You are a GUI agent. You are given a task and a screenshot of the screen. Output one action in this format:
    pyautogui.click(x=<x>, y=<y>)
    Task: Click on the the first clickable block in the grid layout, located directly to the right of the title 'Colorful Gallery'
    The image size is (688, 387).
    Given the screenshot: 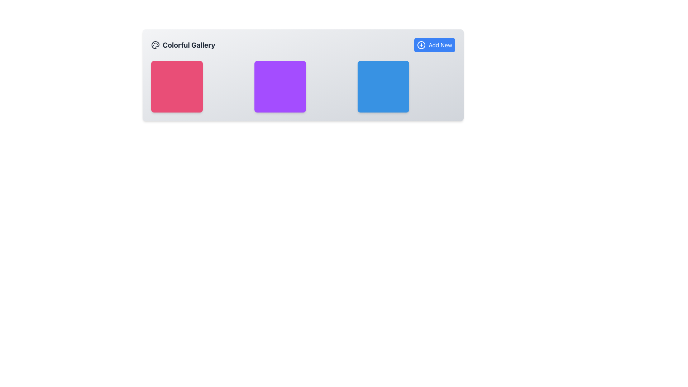 What is the action you would take?
    pyautogui.click(x=200, y=86)
    